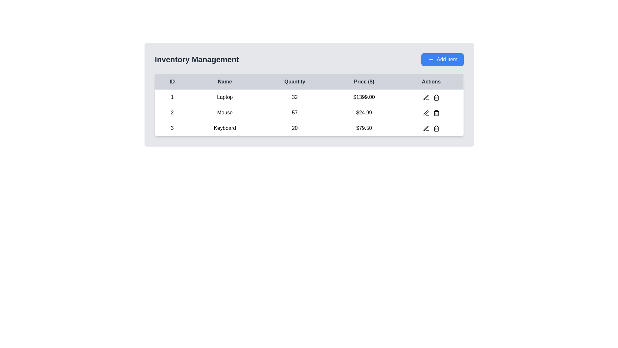 This screenshot has width=618, height=348. I want to click on the delete button in the 'Actions' column of the table row corresponding to the third item ('Keyboard'), which is the second icon to the right of the pencil icon, so click(436, 128).